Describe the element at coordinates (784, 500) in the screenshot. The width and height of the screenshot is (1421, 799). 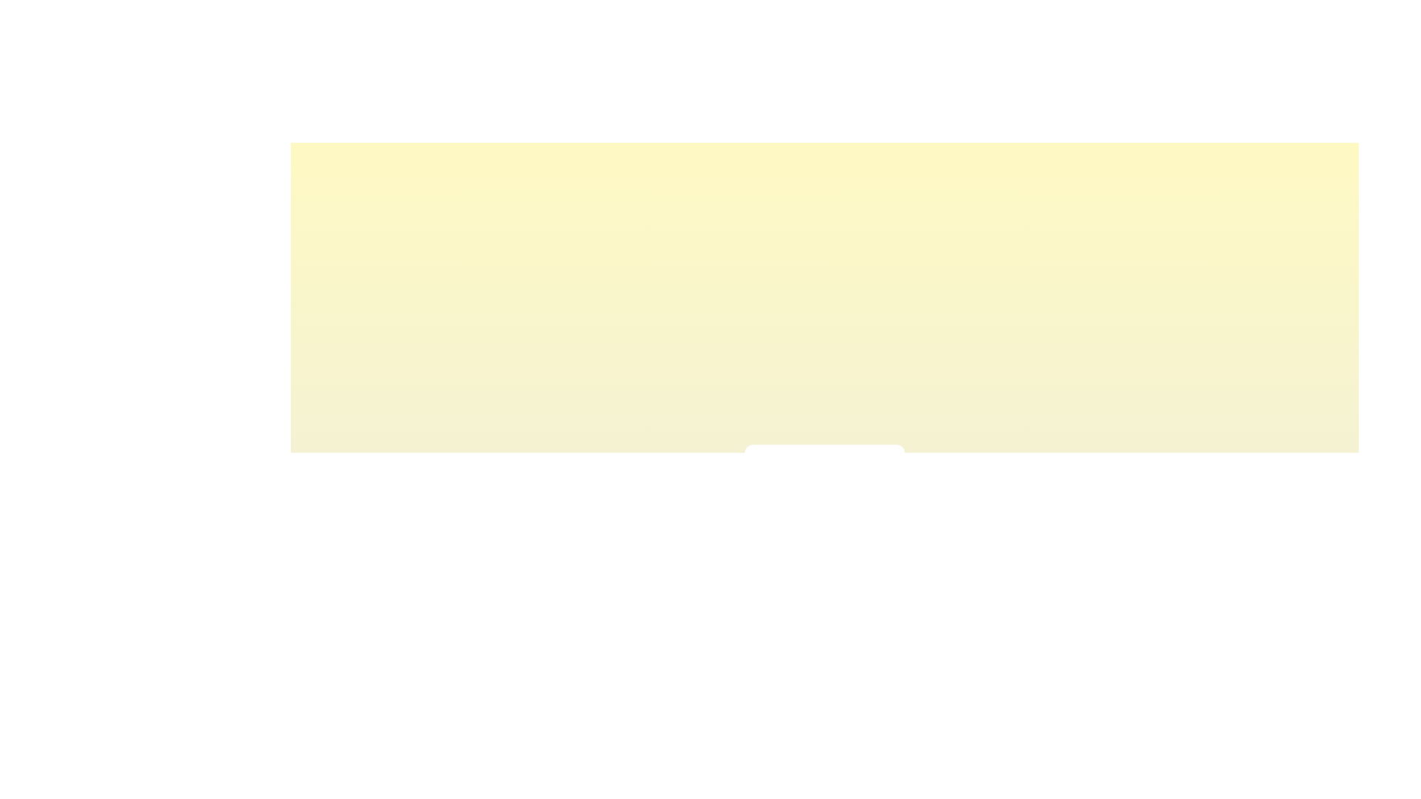
I see `the light intensity slider to 18% to observe the corresponding visual feedback color` at that location.